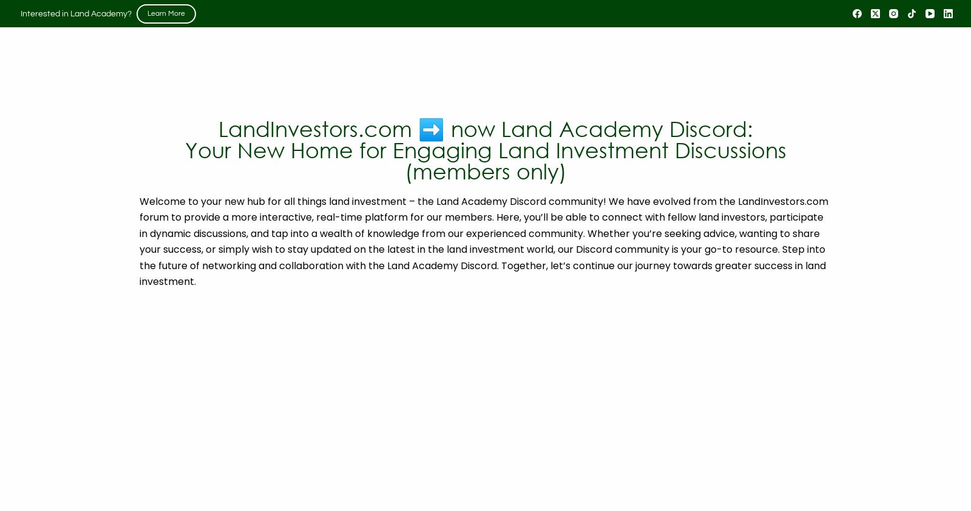 This screenshot has height=511, width=971. I want to click on 'Newsletter', so click(783, 85).